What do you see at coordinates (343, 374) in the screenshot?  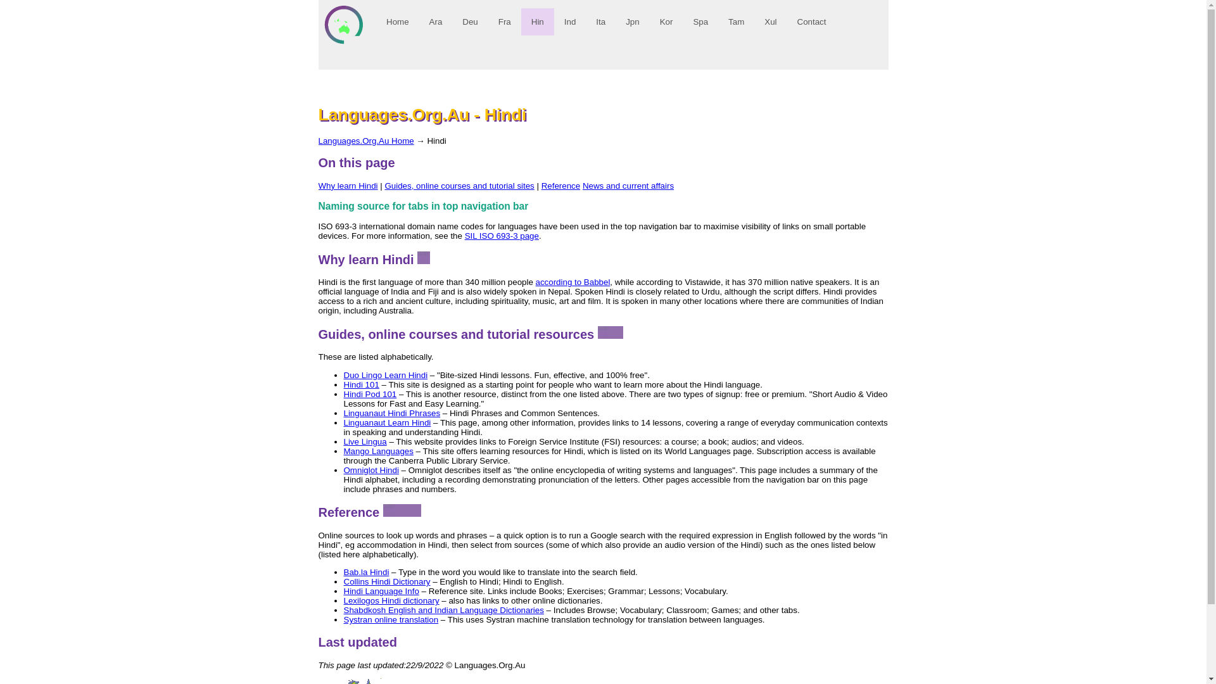 I see `'Duo Lingo Learn Hindi'` at bounding box center [343, 374].